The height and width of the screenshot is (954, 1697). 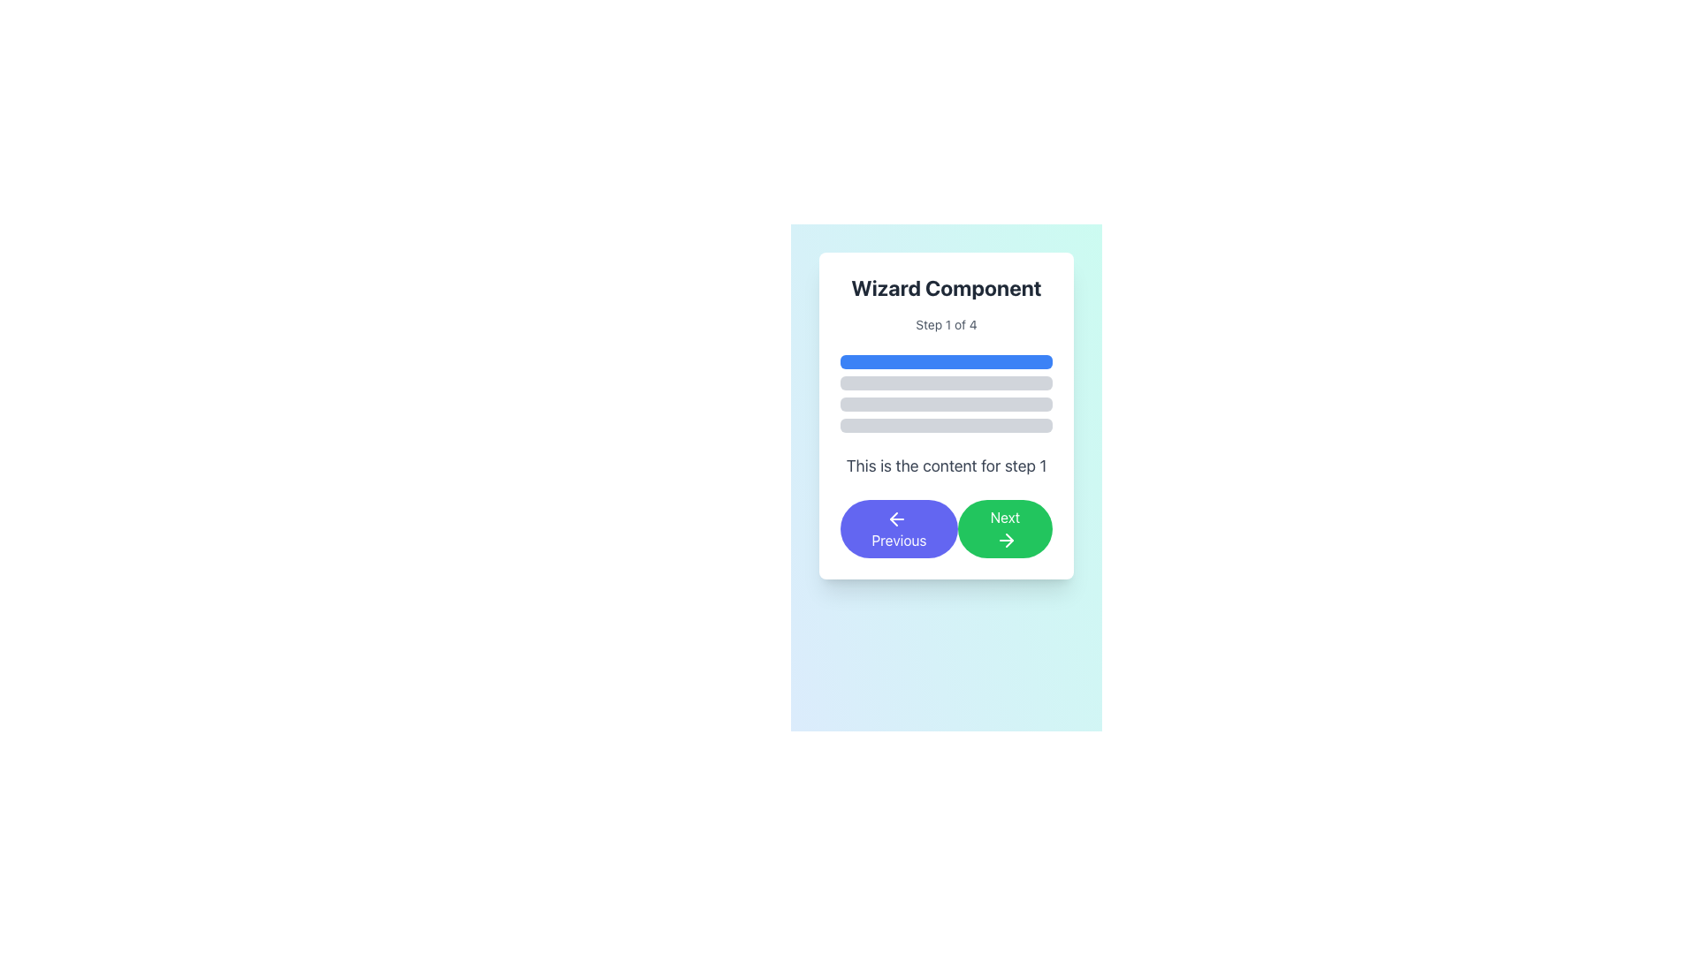 What do you see at coordinates (897, 518) in the screenshot?
I see `the left-pointing arrow icon inside the blue circular 'Previous' button` at bounding box center [897, 518].